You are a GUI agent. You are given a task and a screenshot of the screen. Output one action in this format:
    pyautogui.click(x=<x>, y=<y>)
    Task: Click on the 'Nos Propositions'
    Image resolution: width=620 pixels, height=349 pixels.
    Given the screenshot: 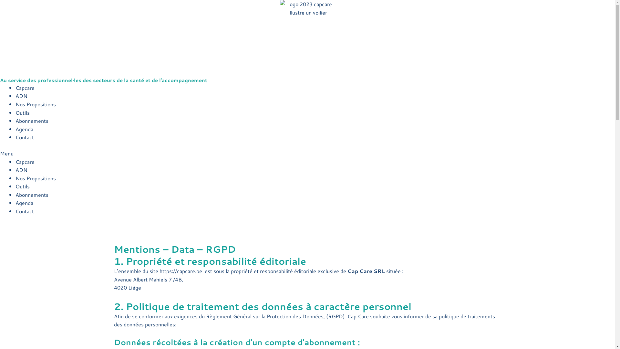 What is the action you would take?
    pyautogui.click(x=35, y=178)
    